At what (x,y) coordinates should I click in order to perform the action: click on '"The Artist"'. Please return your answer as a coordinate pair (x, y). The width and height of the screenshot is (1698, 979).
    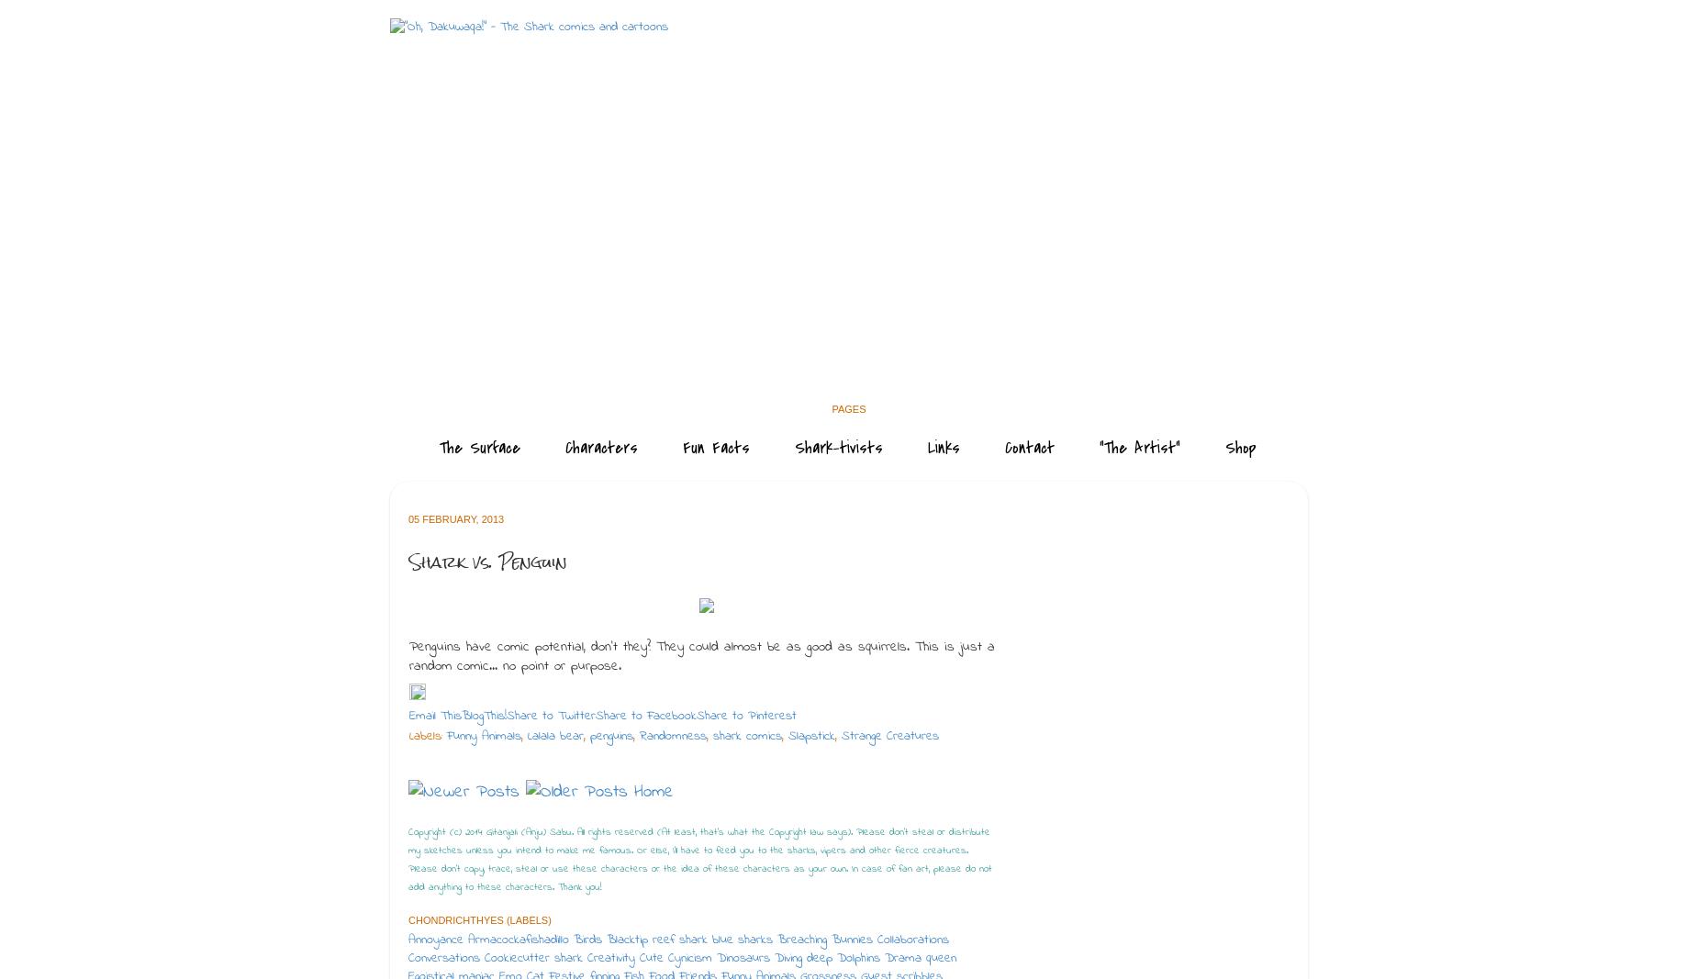
    Looking at the image, I should click on (1139, 447).